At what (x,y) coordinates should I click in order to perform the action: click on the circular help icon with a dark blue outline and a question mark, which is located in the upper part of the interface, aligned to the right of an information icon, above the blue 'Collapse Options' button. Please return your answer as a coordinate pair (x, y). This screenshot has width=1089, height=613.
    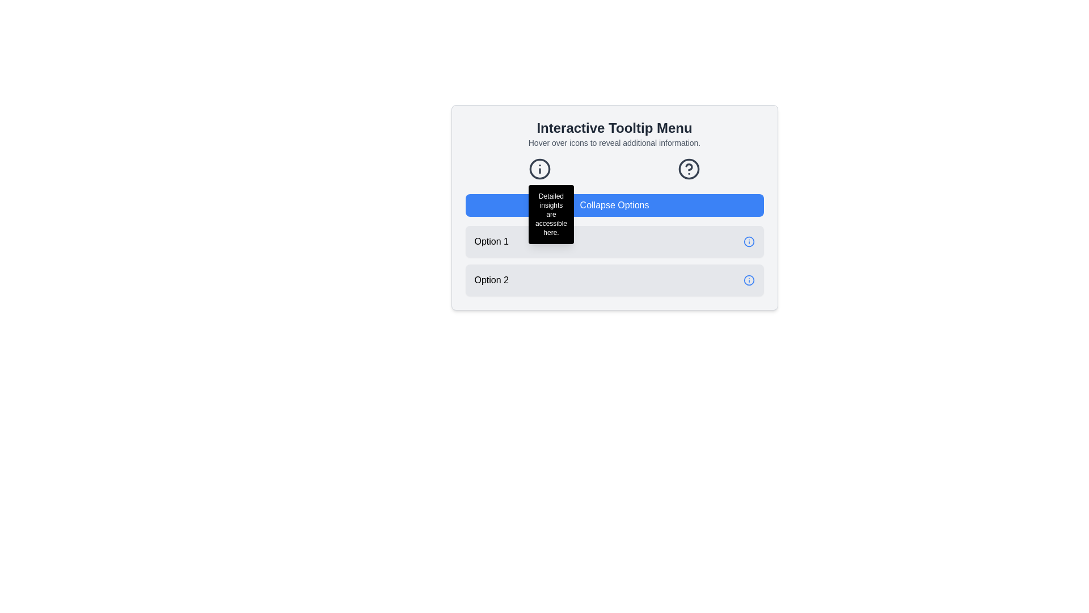
    Looking at the image, I should click on (688, 169).